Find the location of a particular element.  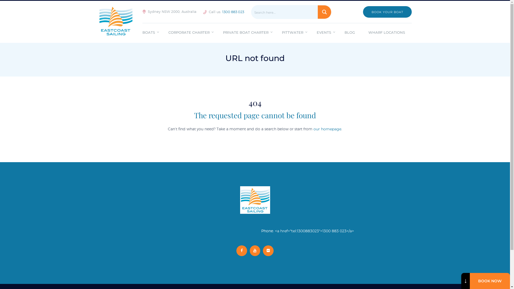

'WHARF LOCATIONS' is located at coordinates (387, 33).